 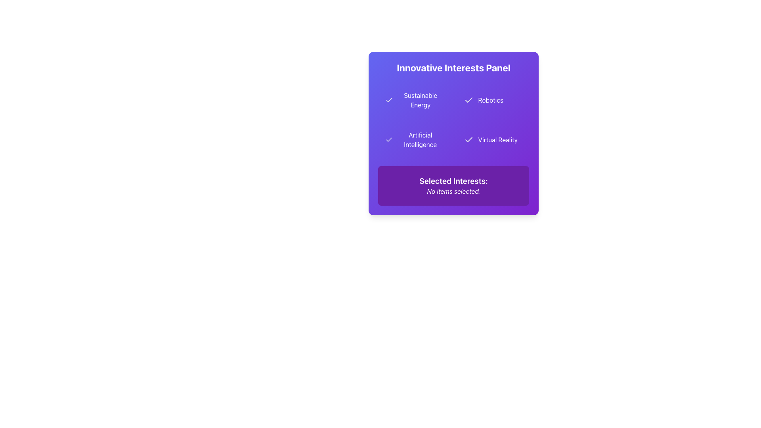 I want to click on the 'Sustainable Energy' text label within the 'Innovative Interests Panel' which indicates a selectable option, so click(x=420, y=100).